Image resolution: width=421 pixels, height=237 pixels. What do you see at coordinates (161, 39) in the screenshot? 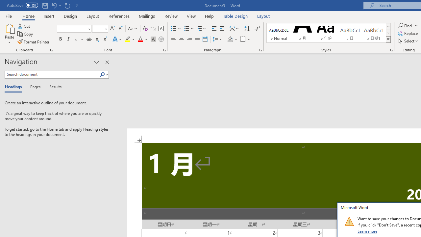
I see `'Enclose Characters...'` at bounding box center [161, 39].